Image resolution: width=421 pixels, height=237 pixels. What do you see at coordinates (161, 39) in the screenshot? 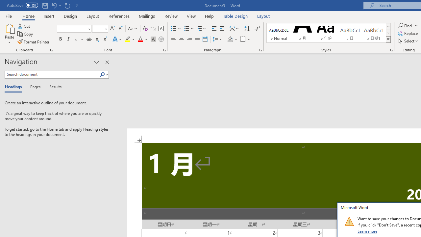
I see `'Enclose Characters...'` at bounding box center [161, 39].